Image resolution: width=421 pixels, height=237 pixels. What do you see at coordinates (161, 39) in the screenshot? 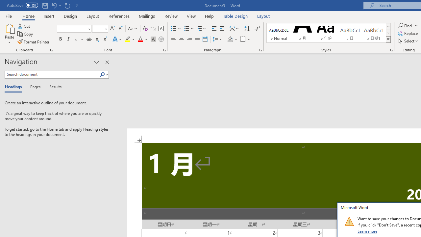
I see `'Enclose Characters...'` at bounding box center [161, 39].